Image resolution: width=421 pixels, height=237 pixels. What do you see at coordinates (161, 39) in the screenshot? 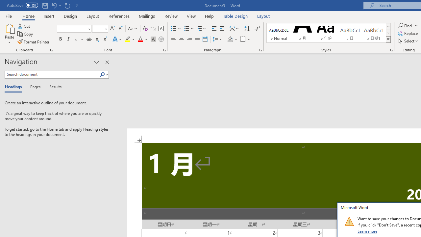
I see `'Enclose Characters...'` at bounding box center [161, 39].